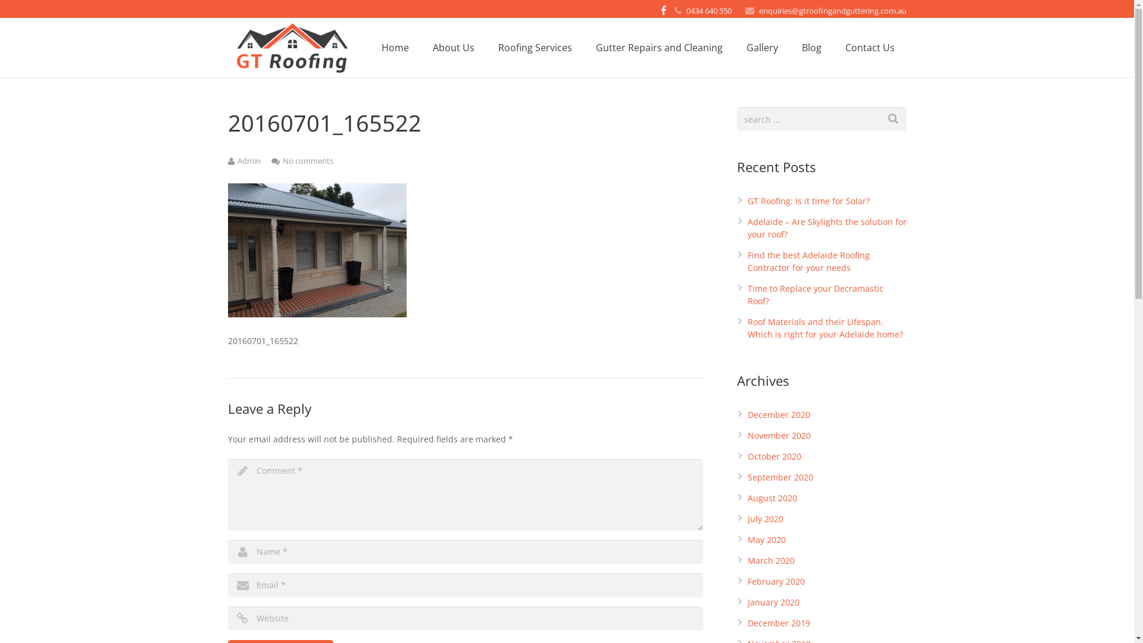 This screenshot has height=643, width=1143. I want to click on 'December 2020', so click(779, 414).